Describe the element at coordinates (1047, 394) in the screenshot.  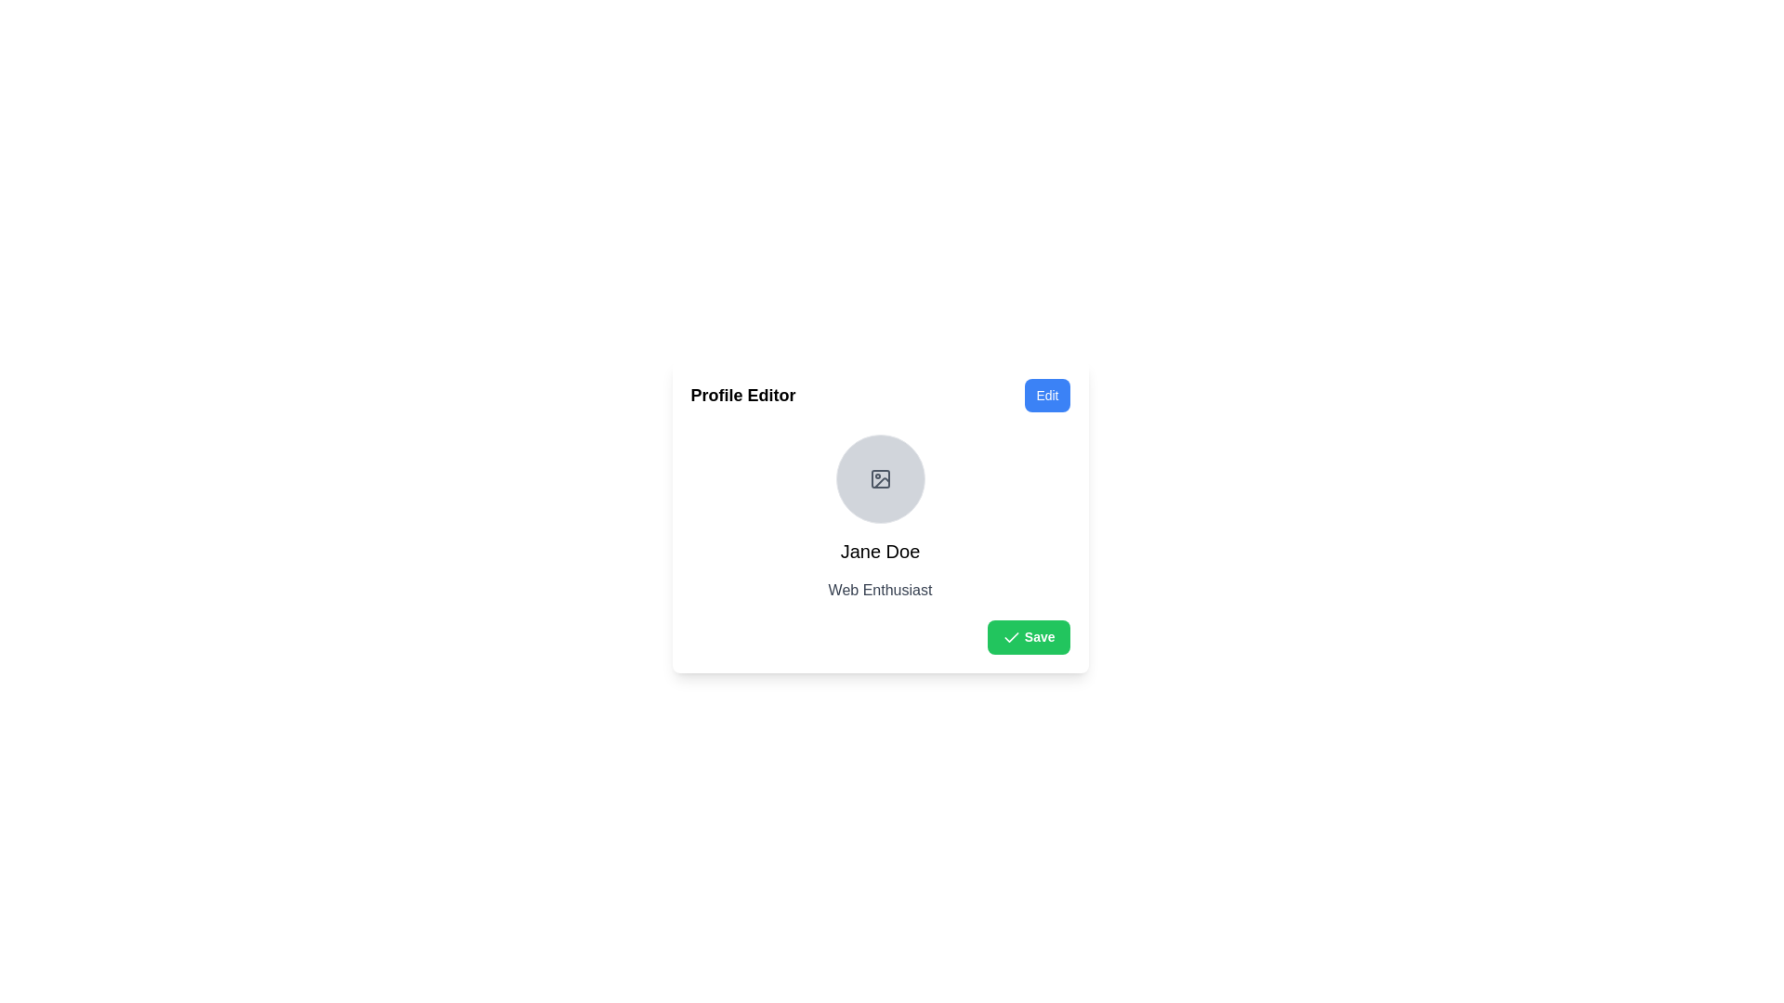
I see `the rounded 'Edit' button with white text on a blue background located in the upper-right corner of the 'Profile Editor' section to observe the hover effect` at that location.